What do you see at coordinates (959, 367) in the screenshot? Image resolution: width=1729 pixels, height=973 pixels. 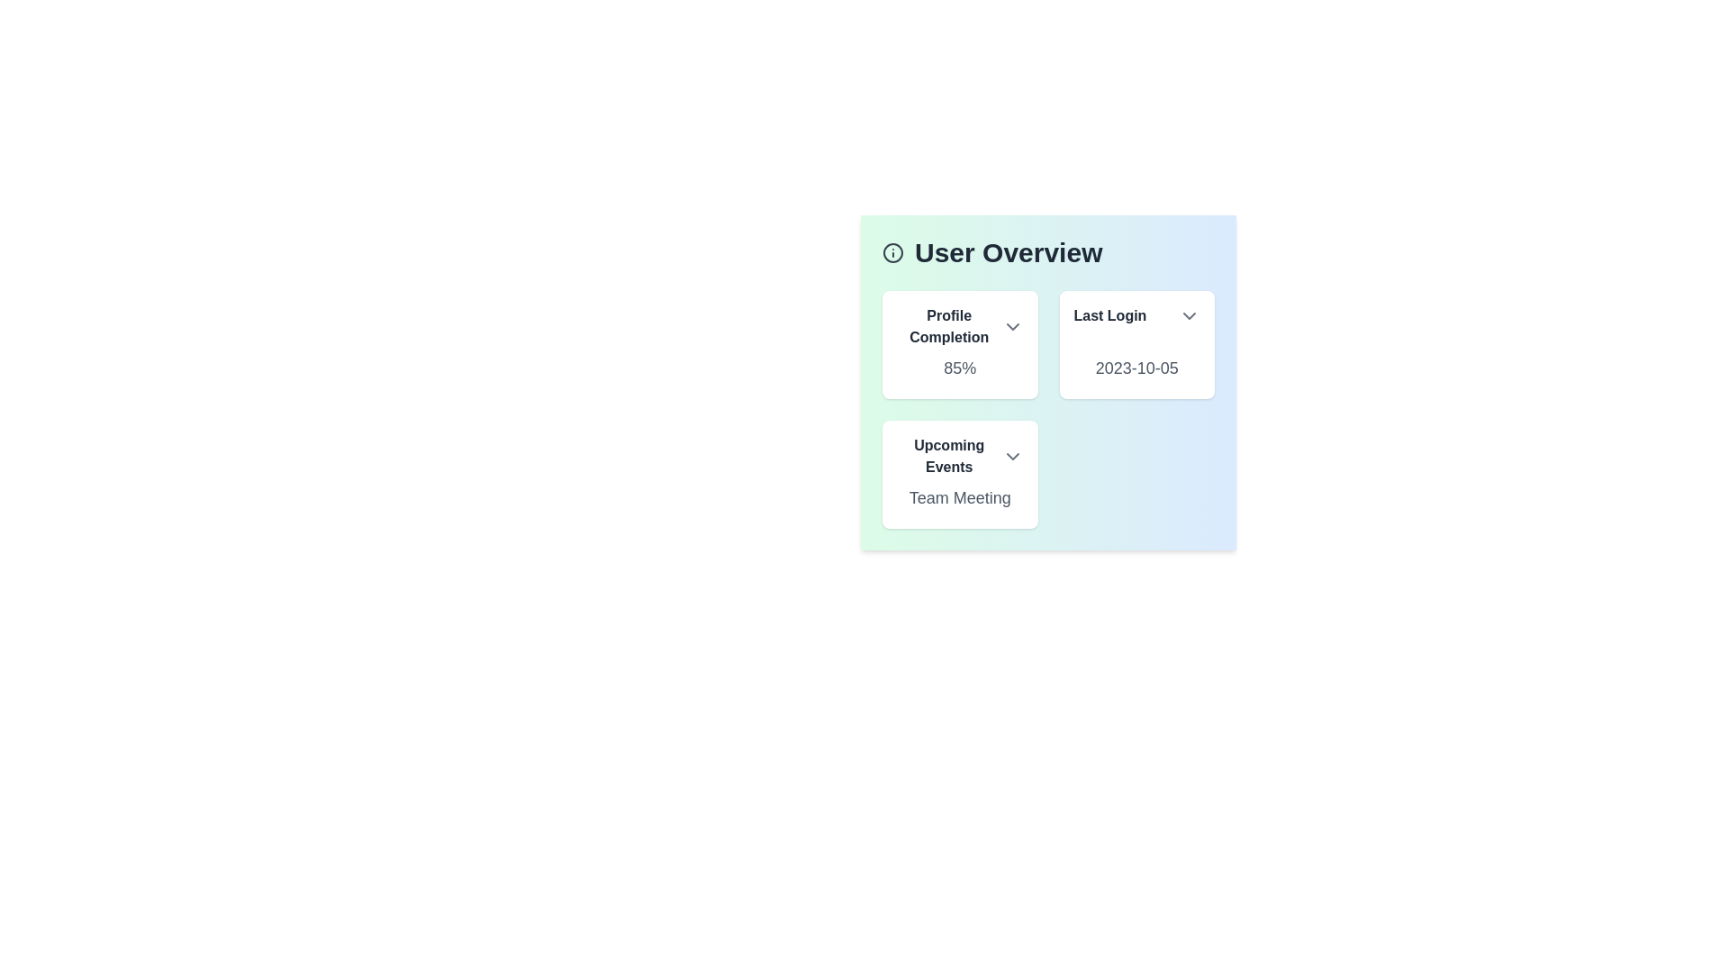 I see `the Text label that indicates the user's profile completion percentage, located in the 'Profile Completion' section of the 'User Overview' module` at bounding box center [959, 367].